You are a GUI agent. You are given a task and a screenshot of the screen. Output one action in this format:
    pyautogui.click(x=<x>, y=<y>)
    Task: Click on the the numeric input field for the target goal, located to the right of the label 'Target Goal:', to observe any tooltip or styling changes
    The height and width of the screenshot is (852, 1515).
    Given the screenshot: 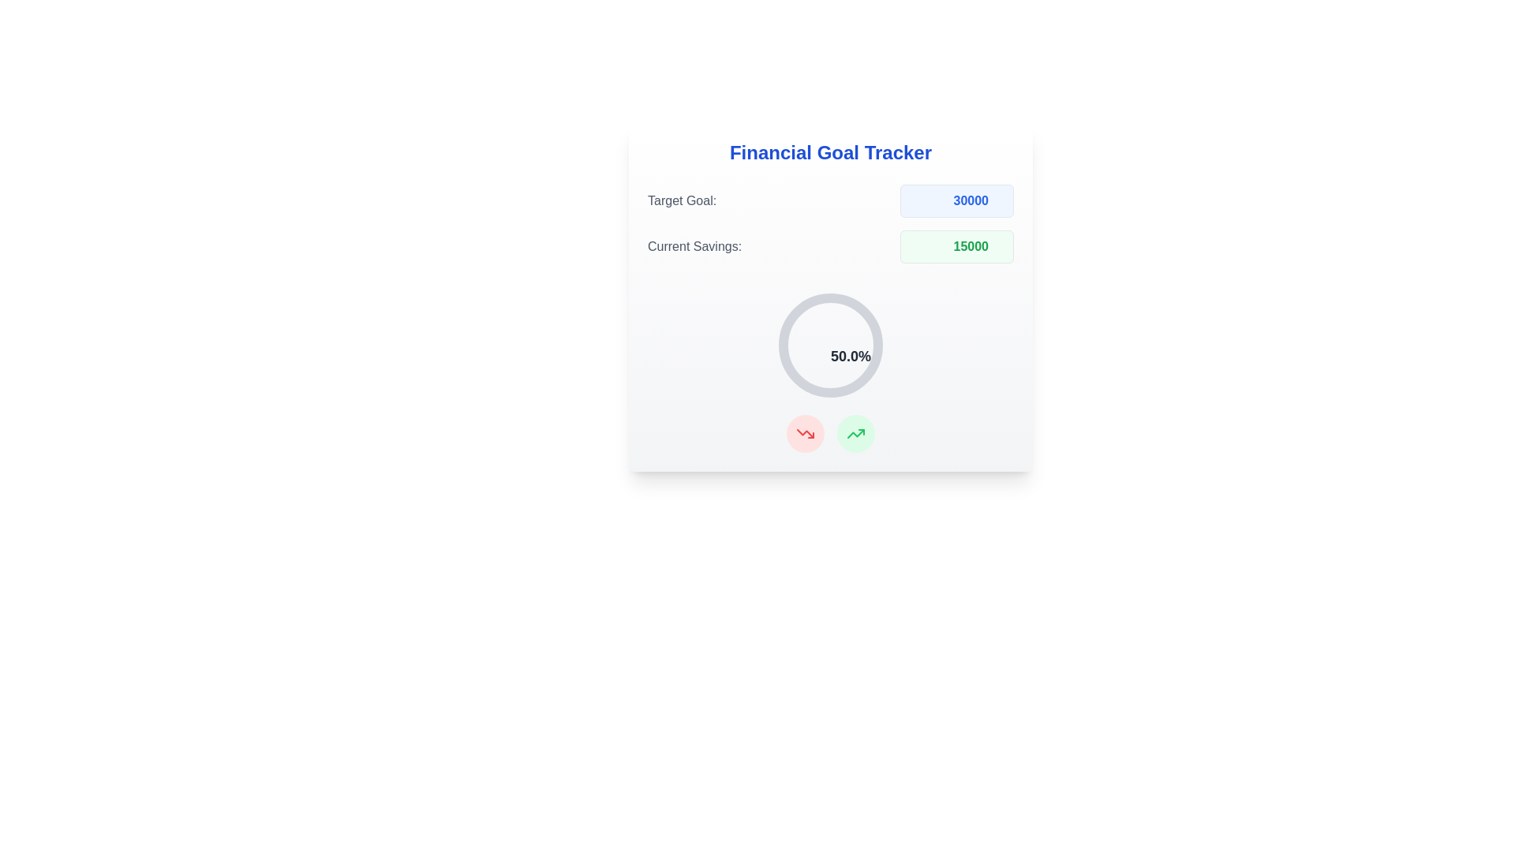 What is the action you would take?
    pyautogui.click(x=956, y=200)
    